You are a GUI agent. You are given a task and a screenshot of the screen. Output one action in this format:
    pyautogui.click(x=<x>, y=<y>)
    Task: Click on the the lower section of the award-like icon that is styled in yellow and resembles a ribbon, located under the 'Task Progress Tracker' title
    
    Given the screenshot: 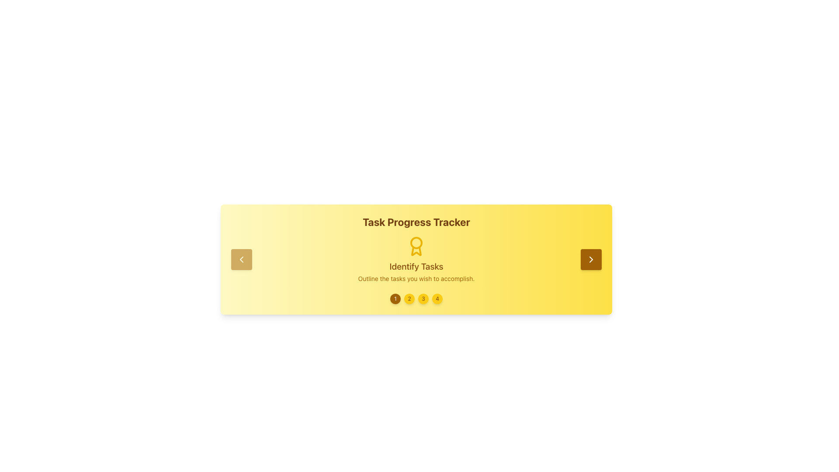 What is the action you would take?
    pyautogui.click(x=416, y=251)
    